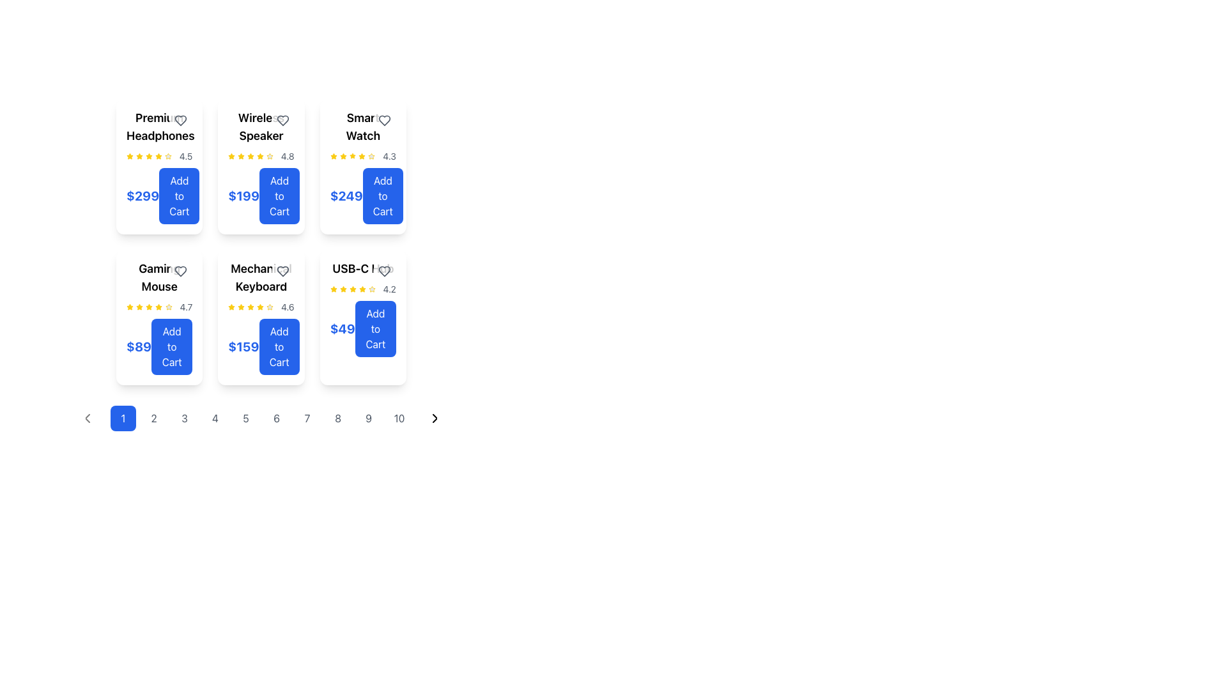 The image size is (1227, 690). Describe the element at coordinates (343, 156) in the screenshot. I see `the third filled star icon in the rating system for the item labeled 'Smart Watch' which visually represents a rating of '4.3'` at that location.